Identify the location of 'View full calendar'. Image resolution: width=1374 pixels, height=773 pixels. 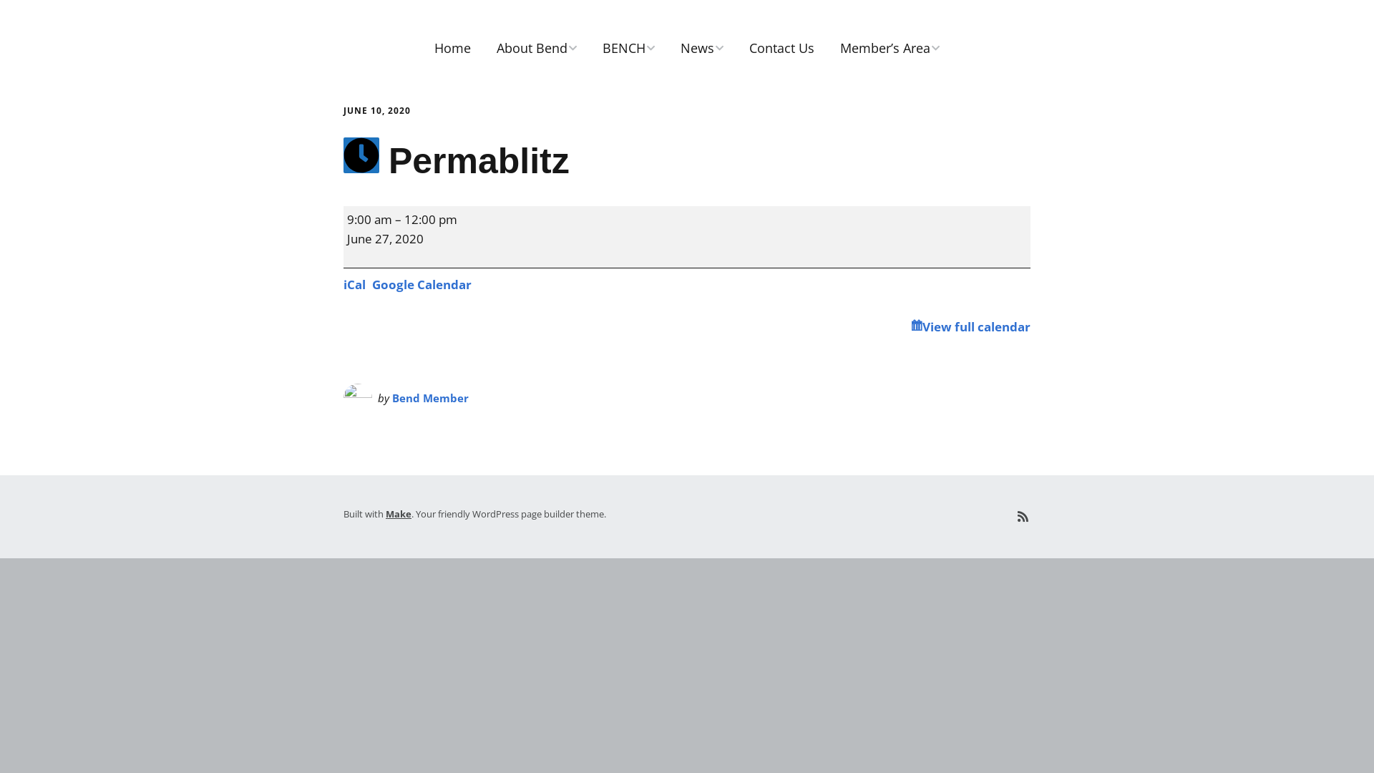
(970, 326).